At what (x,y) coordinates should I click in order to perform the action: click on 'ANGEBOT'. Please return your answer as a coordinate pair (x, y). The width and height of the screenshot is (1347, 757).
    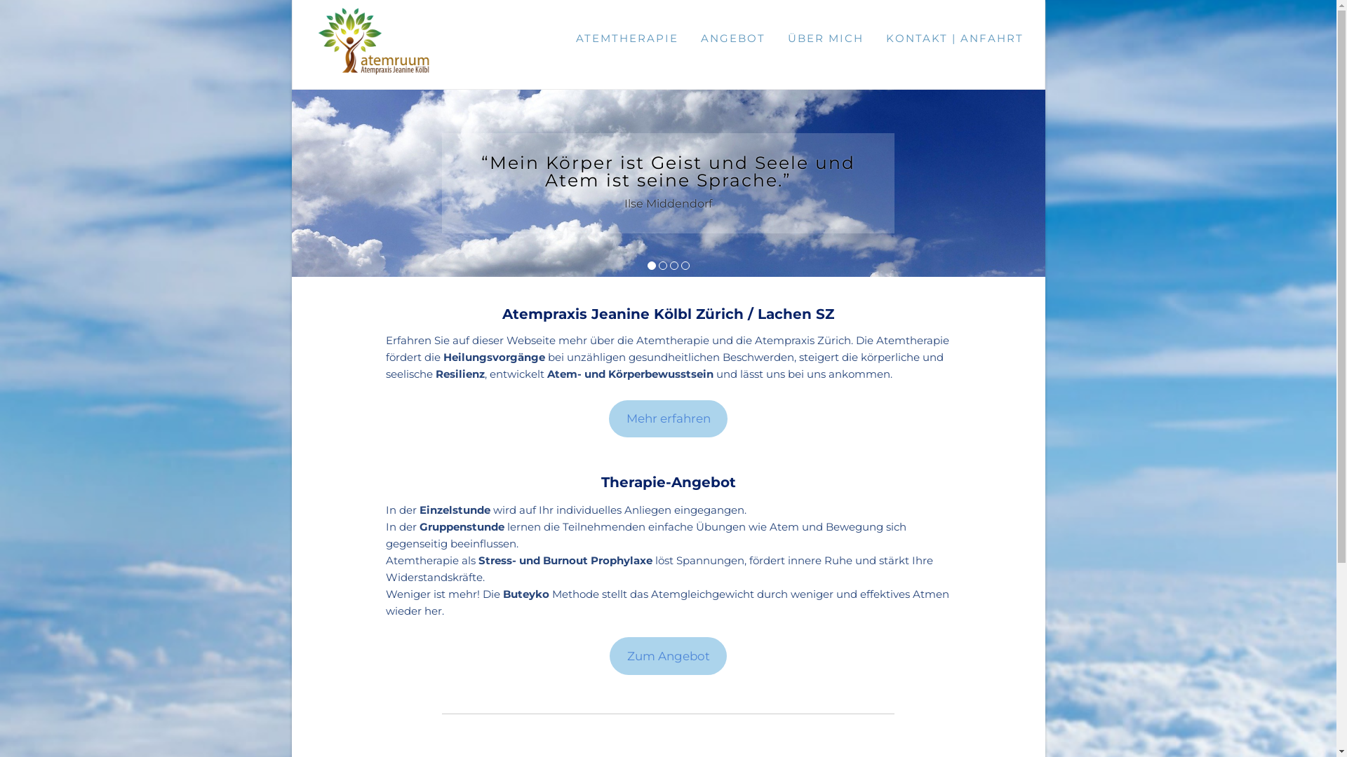
    Looking at the image, I should click on (731, 39).